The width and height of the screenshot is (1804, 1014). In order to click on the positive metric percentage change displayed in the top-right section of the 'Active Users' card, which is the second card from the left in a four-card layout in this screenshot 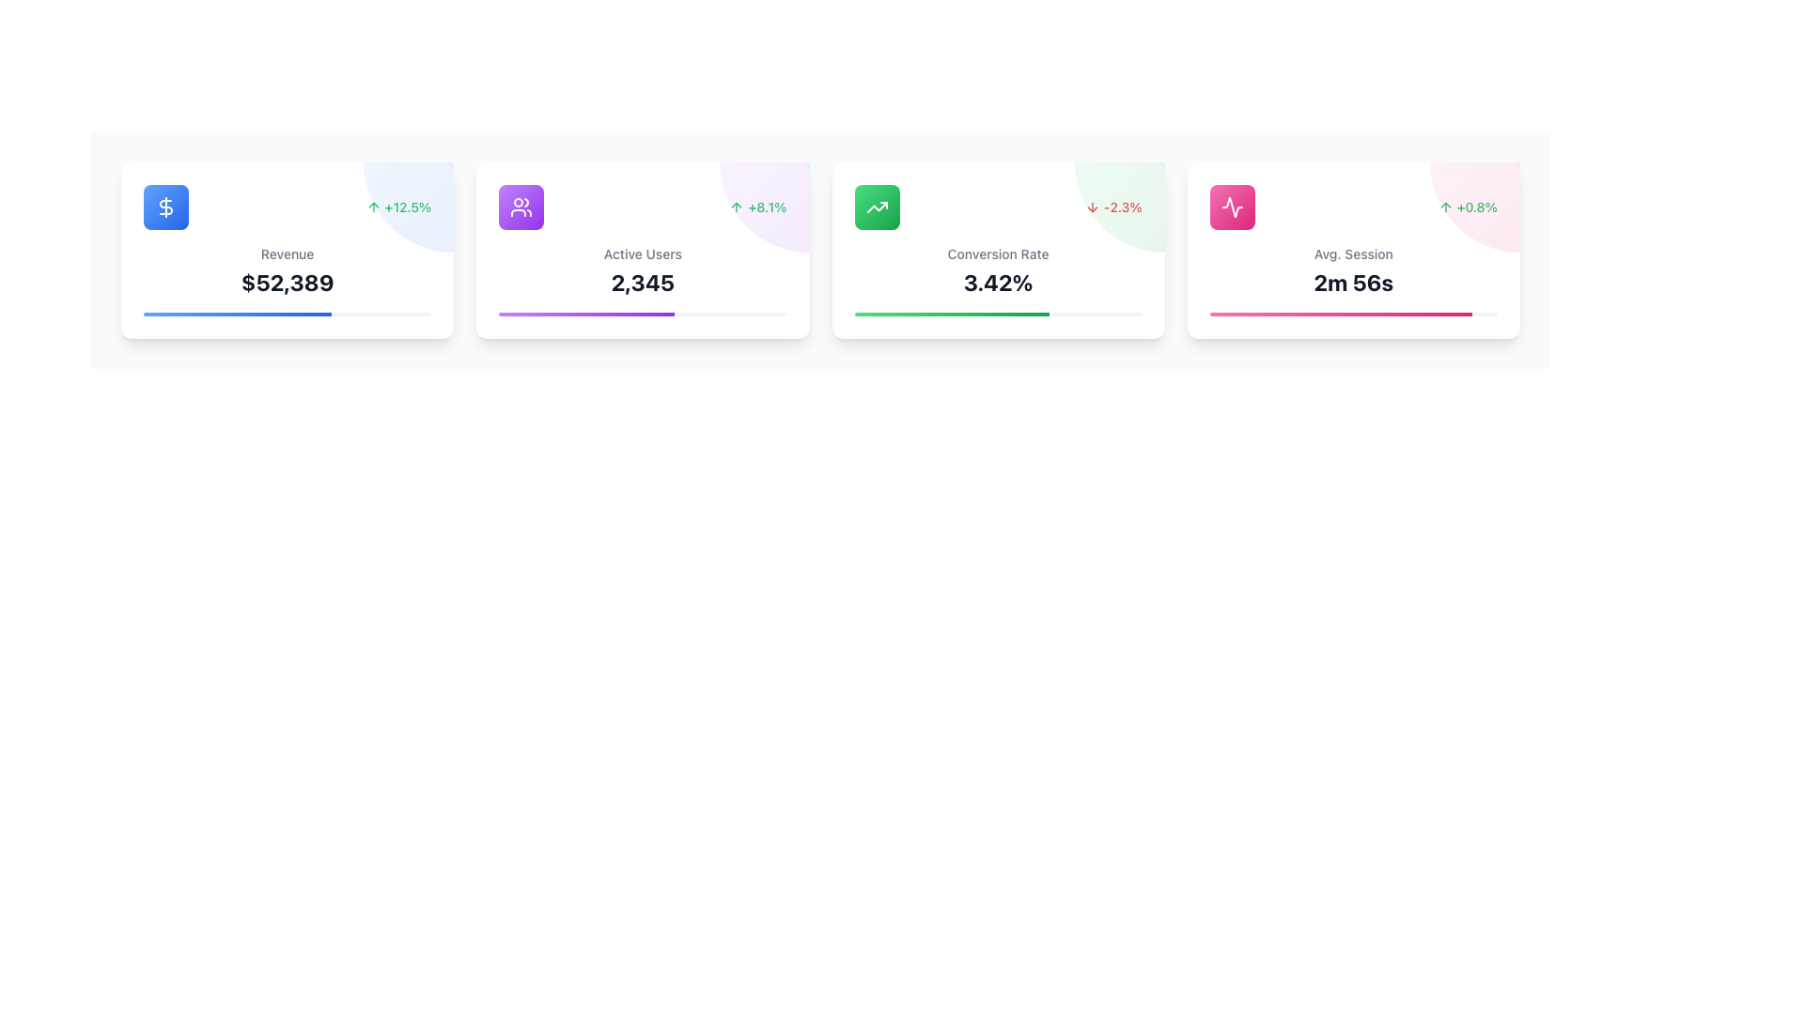, I will do `click(643, 207)`.